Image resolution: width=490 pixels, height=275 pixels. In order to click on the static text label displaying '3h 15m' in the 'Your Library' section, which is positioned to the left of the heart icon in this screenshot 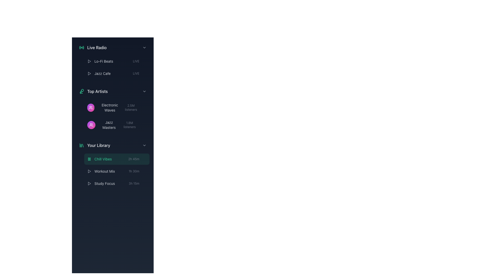, I will do `click(134, 184)`.